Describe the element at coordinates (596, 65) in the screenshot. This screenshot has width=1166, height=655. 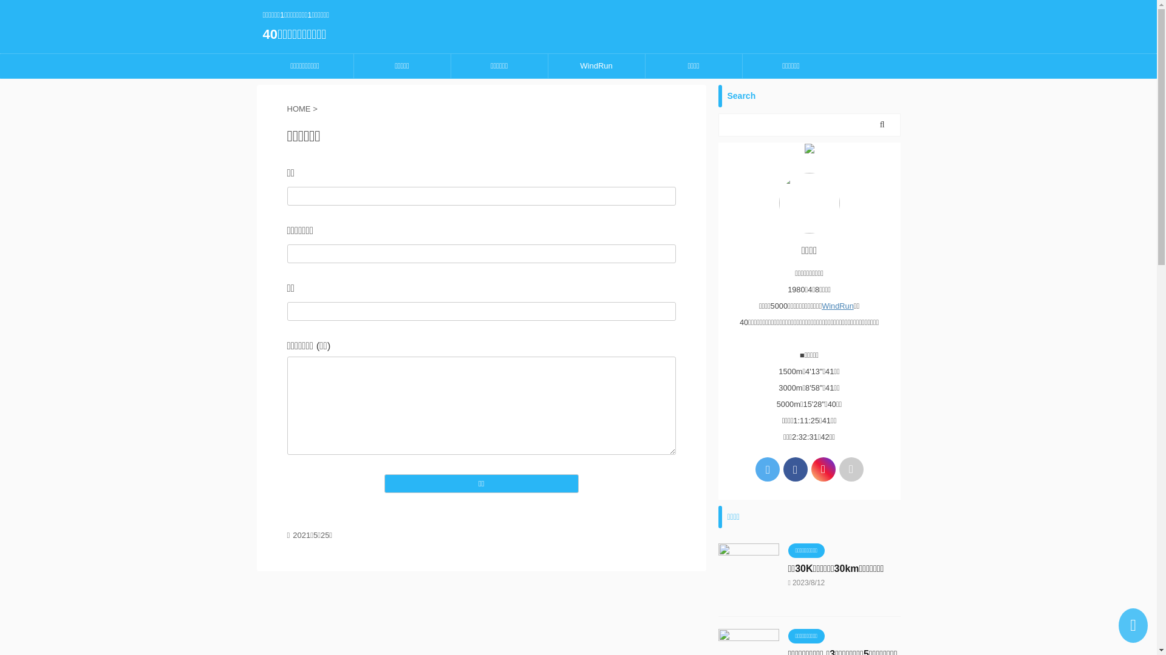
I see `'WindRun'` at that location.